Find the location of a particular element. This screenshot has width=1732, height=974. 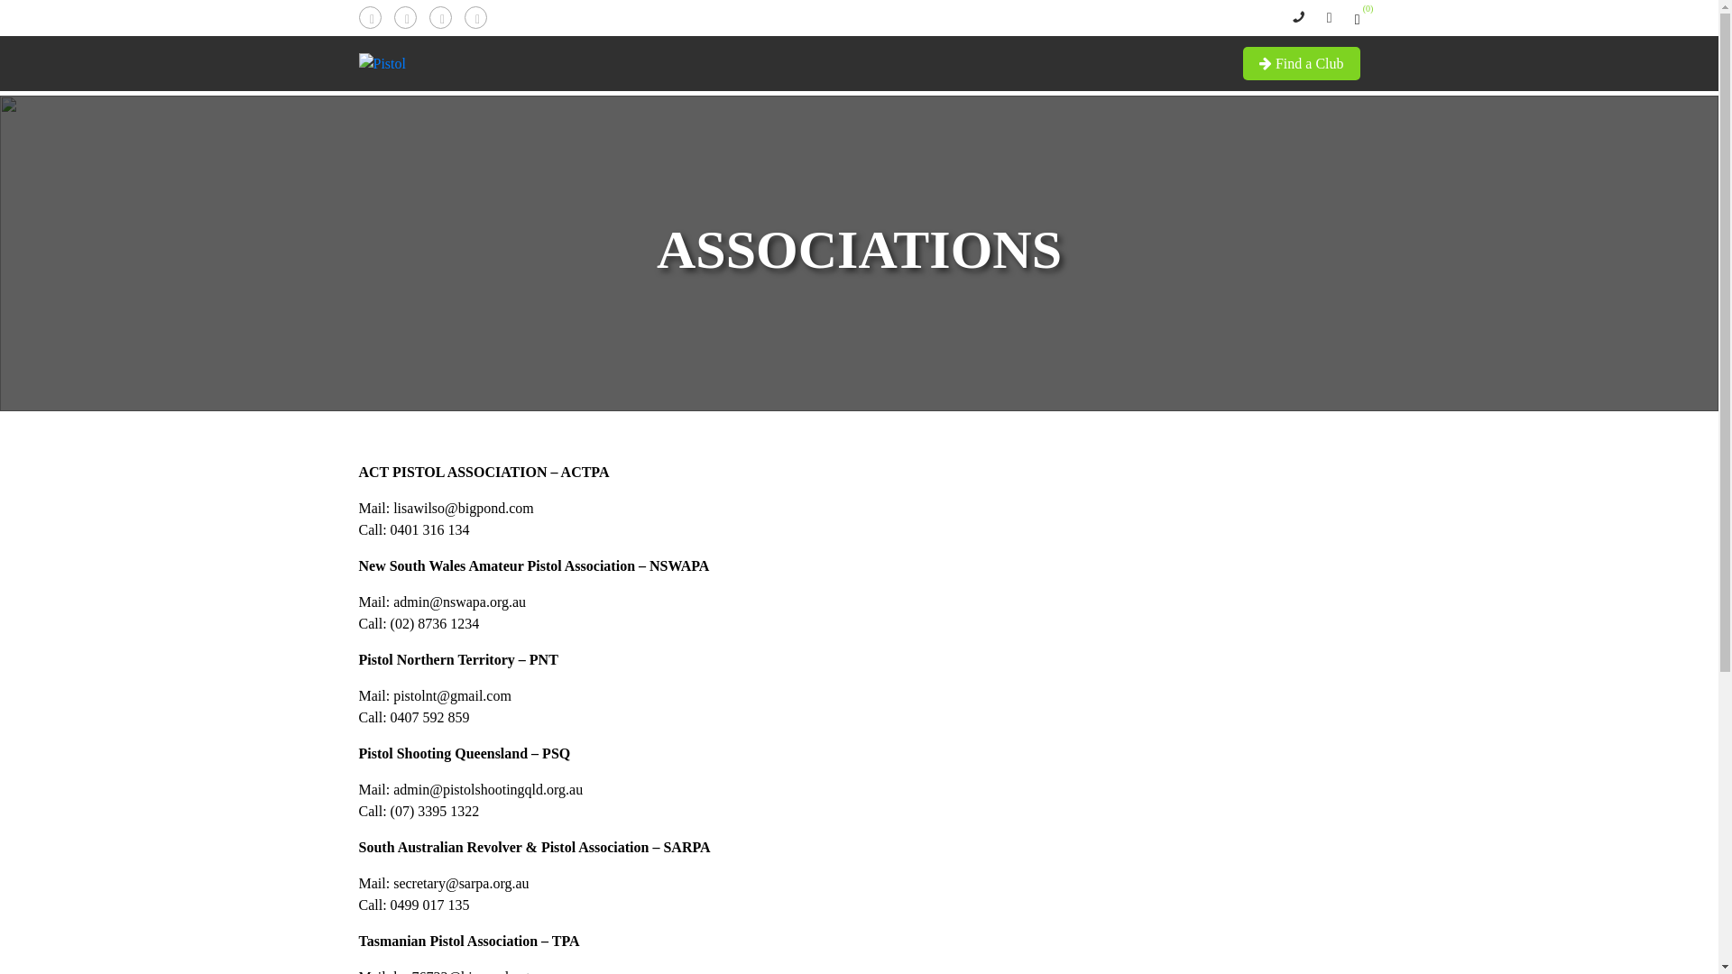

'lisawilso@bigpond.com' is located at coordinates (463, 508).